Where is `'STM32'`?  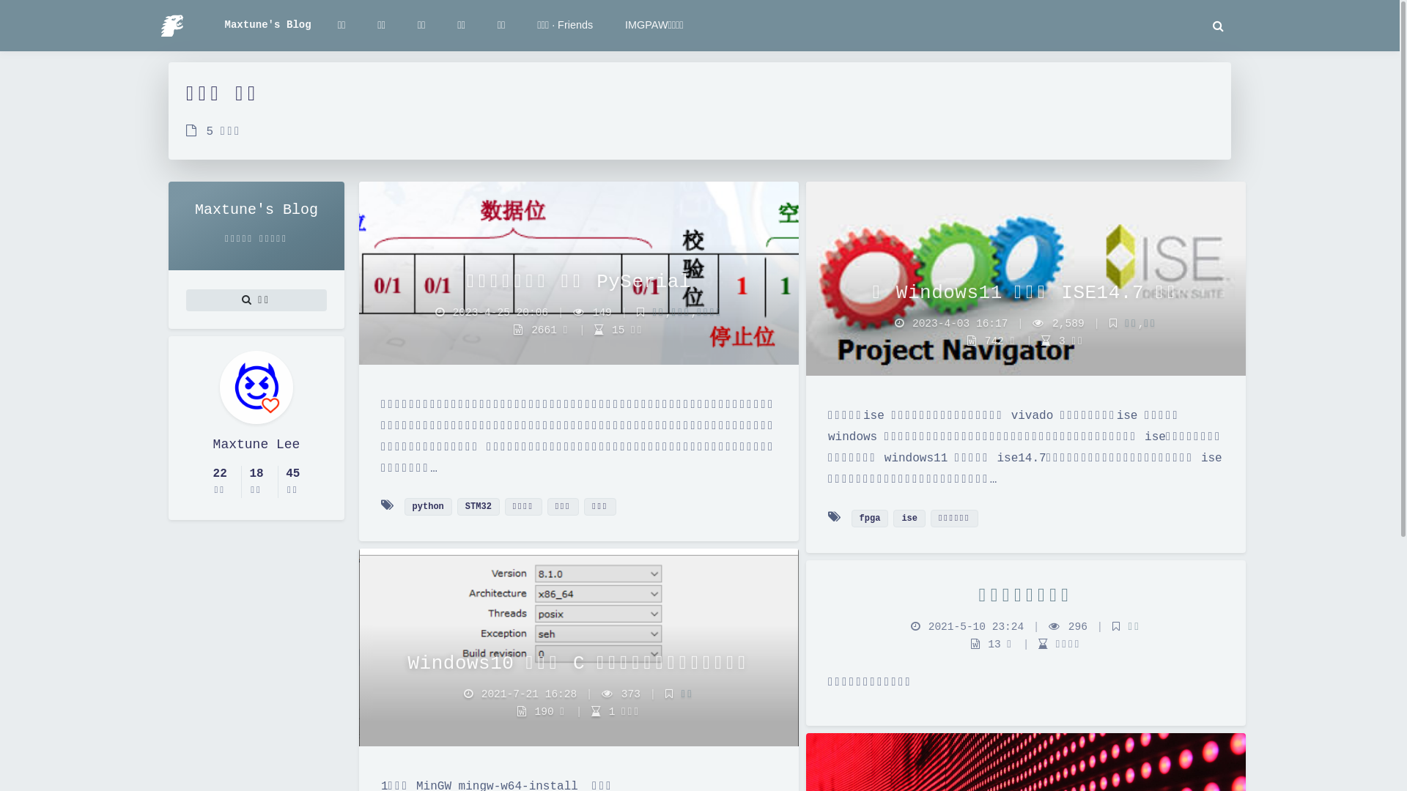
'STM32' is located at coordinates (457, 505).